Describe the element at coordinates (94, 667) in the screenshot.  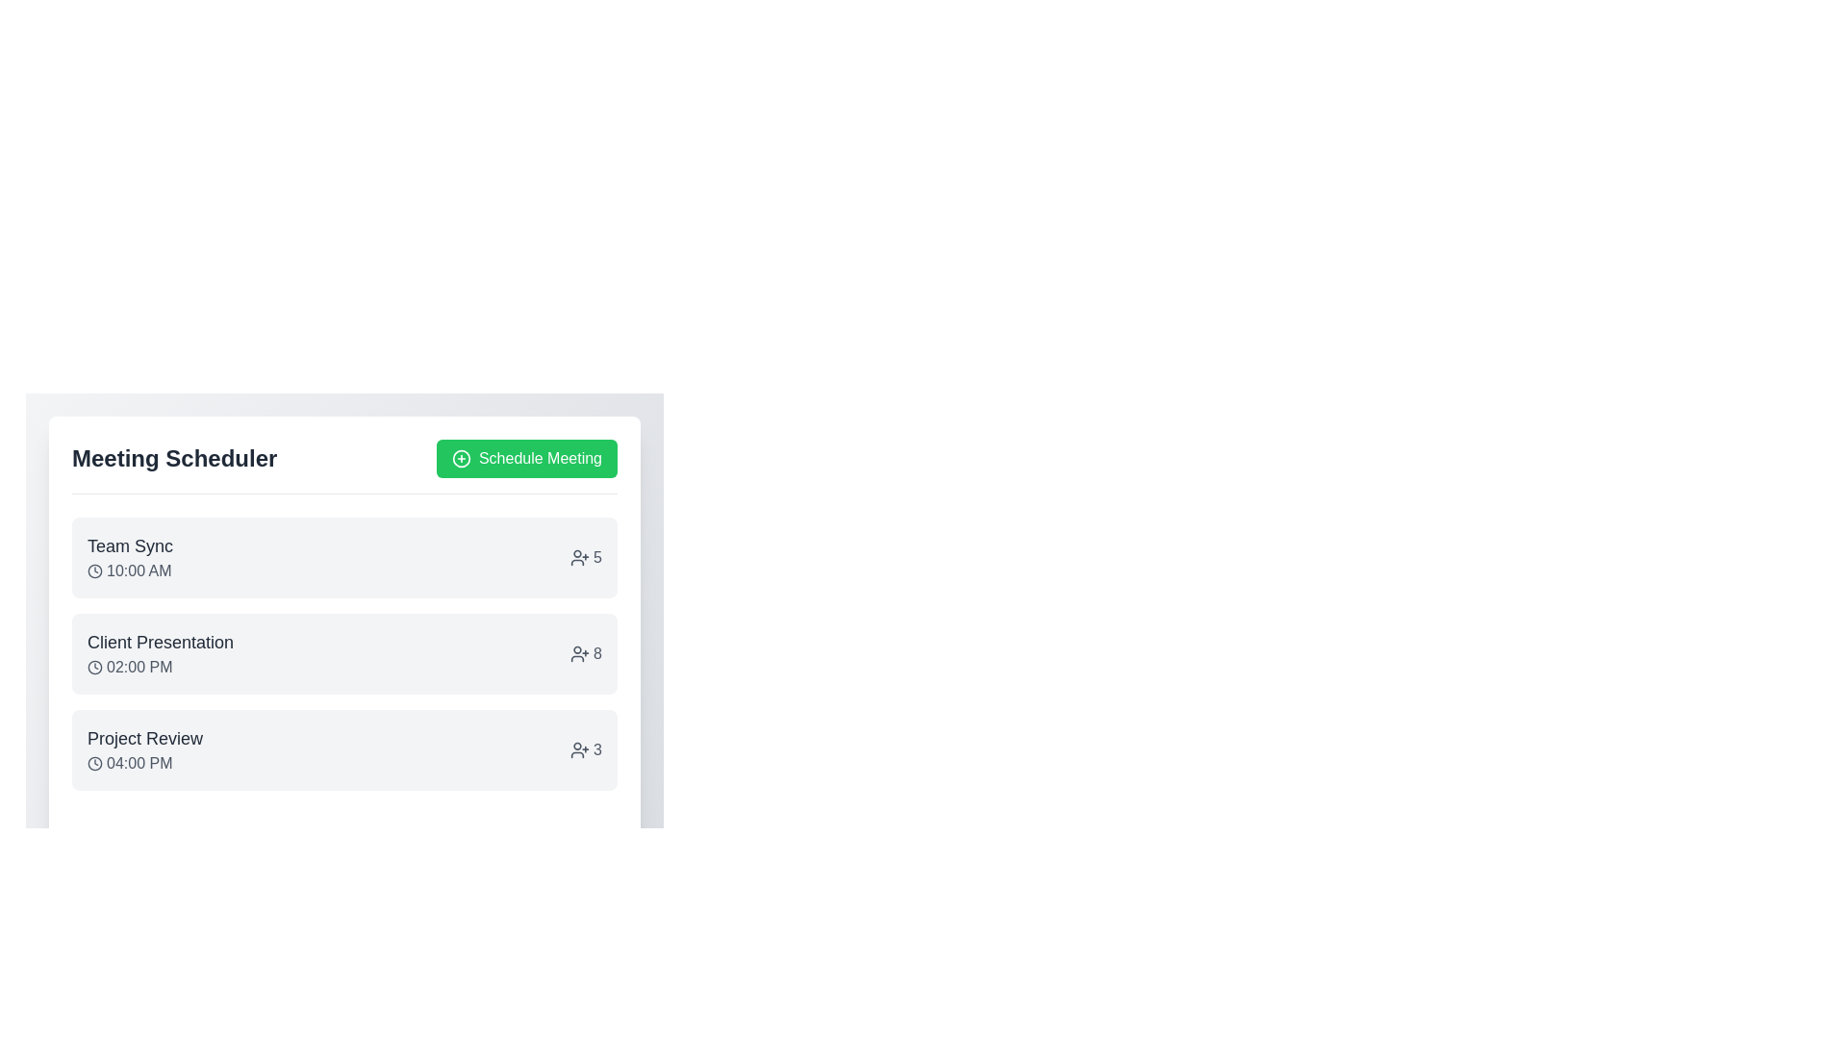
I see `the clock icon located to the left of the time label '02:00 PM' in the 'Client Presentation' row for visual guidance` at that location.